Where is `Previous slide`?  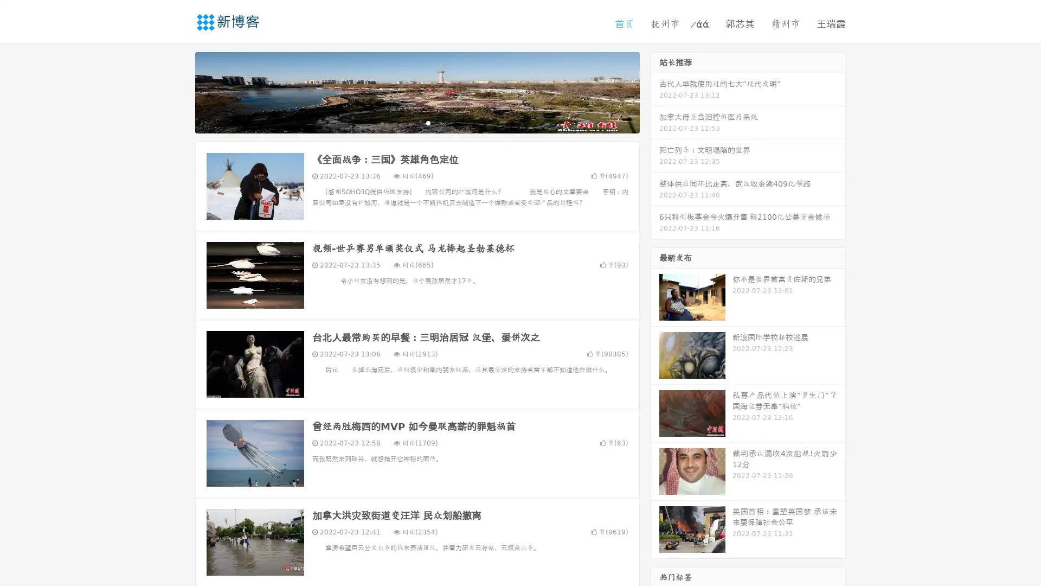 Previous slide is located at coordinates (179, 91).